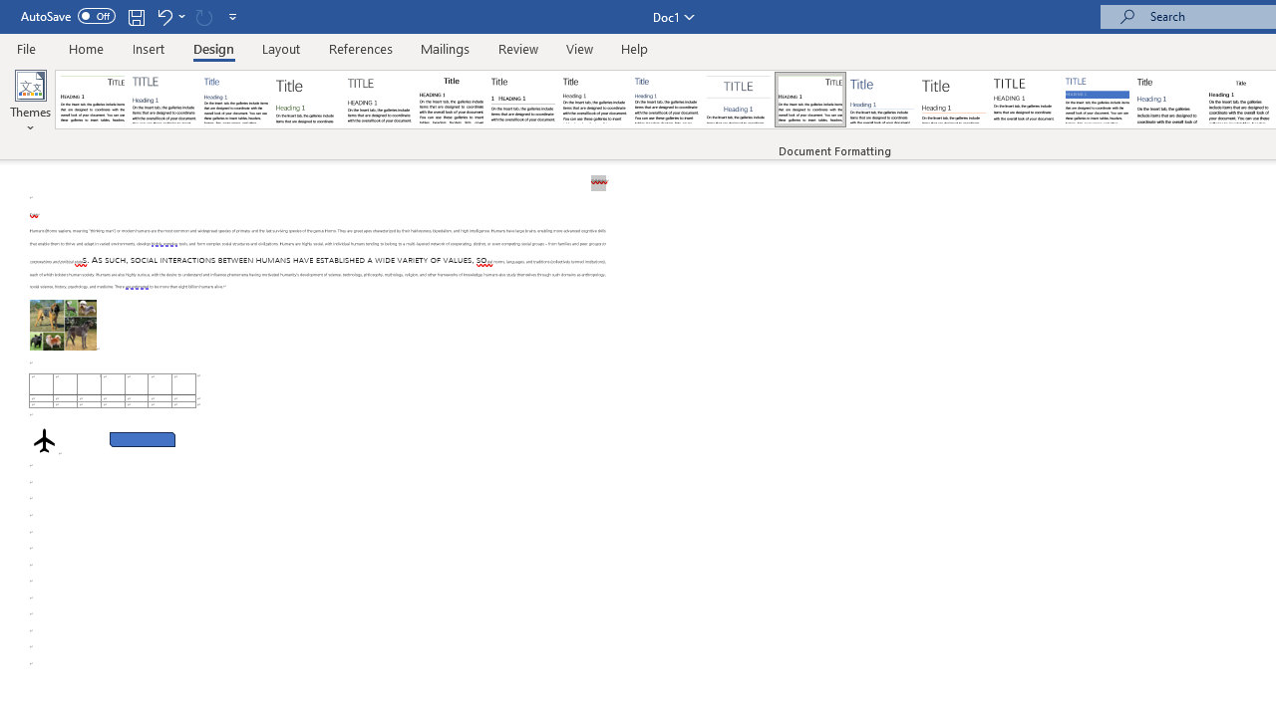 The image size is (1276, 717). I want to click on 'Minimalist', so click(1026, 100).